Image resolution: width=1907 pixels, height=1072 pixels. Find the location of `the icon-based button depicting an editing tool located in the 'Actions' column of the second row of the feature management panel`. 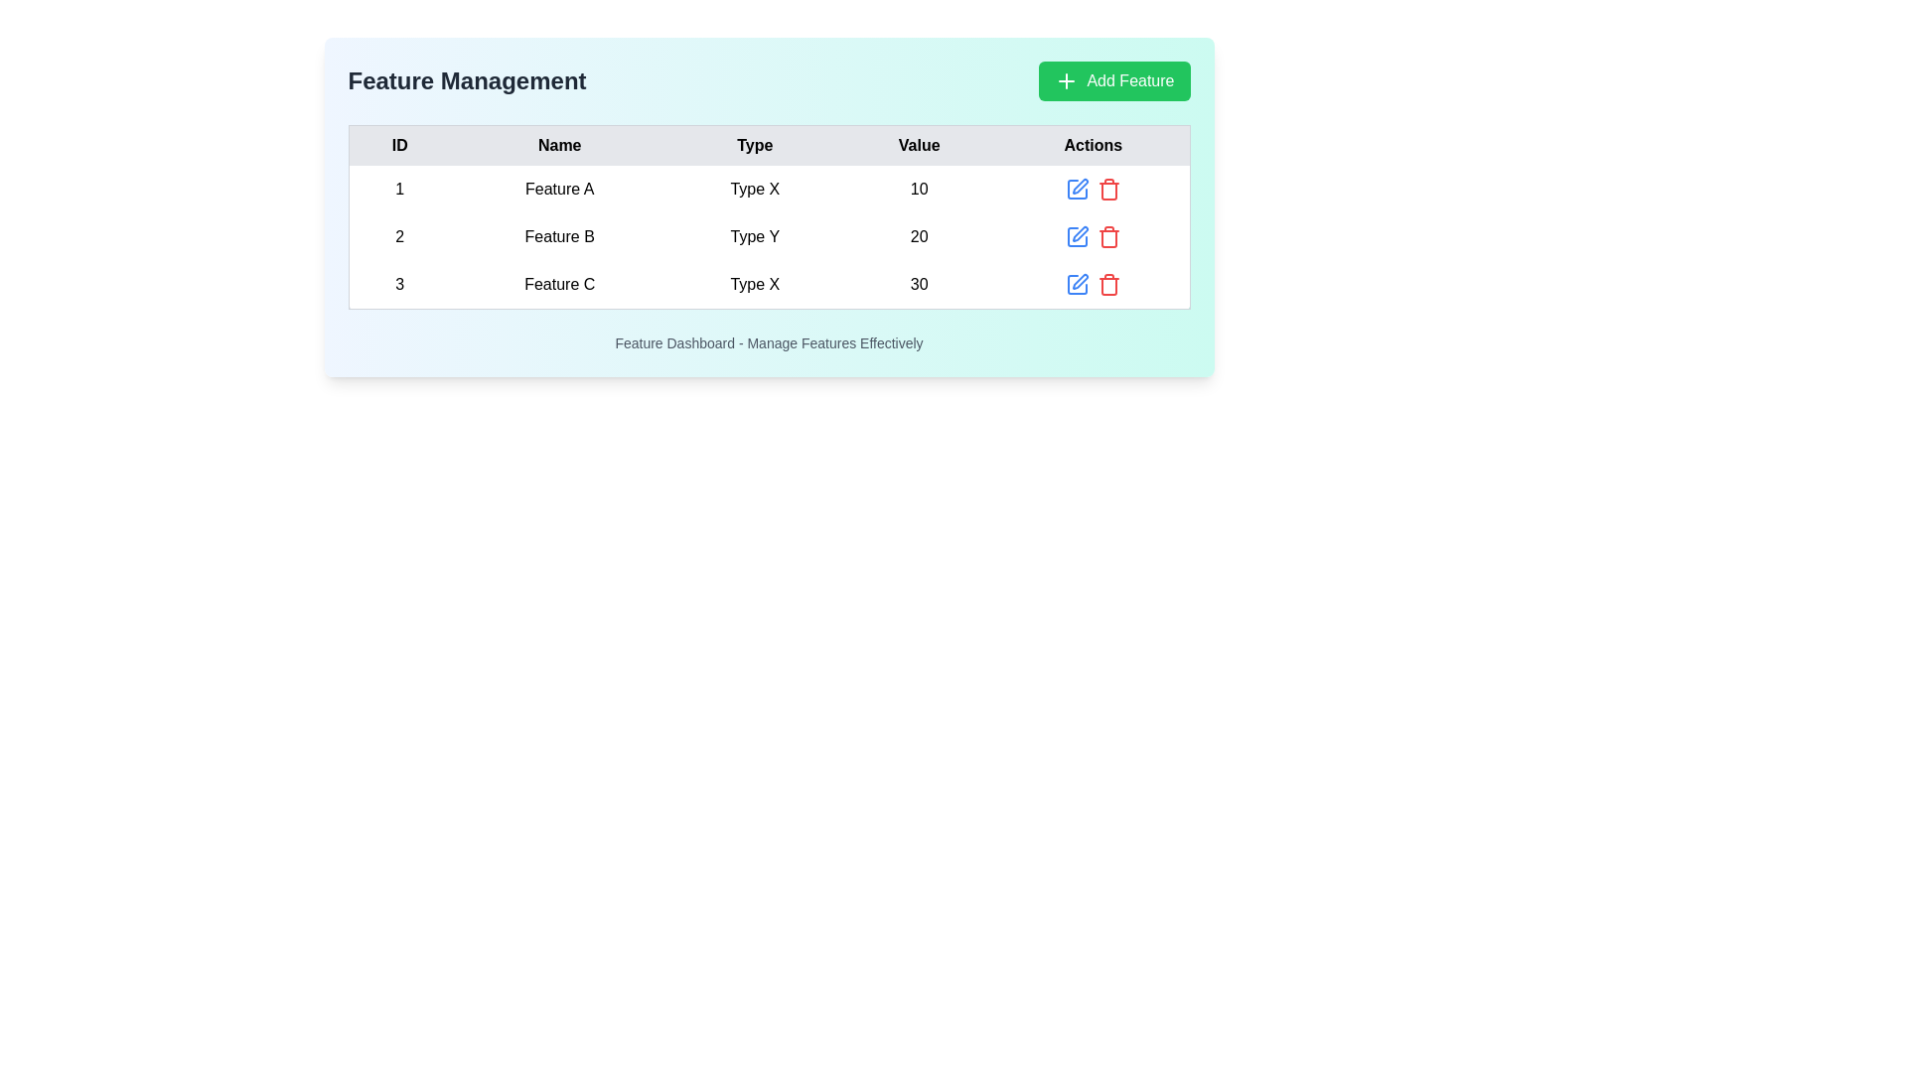

the icon-based button depicting an editing tool located in the 'Actions' column of the second row of the feature management panel is located at coordinates (1079, 232).